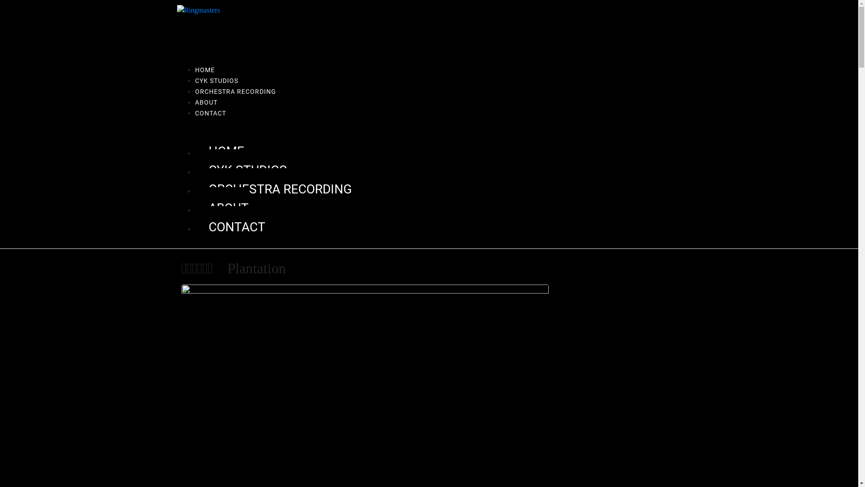 This screenshot has height=487, width=865. I want to click on 'ORCHESTRA RECORDING', so click(272, 188).